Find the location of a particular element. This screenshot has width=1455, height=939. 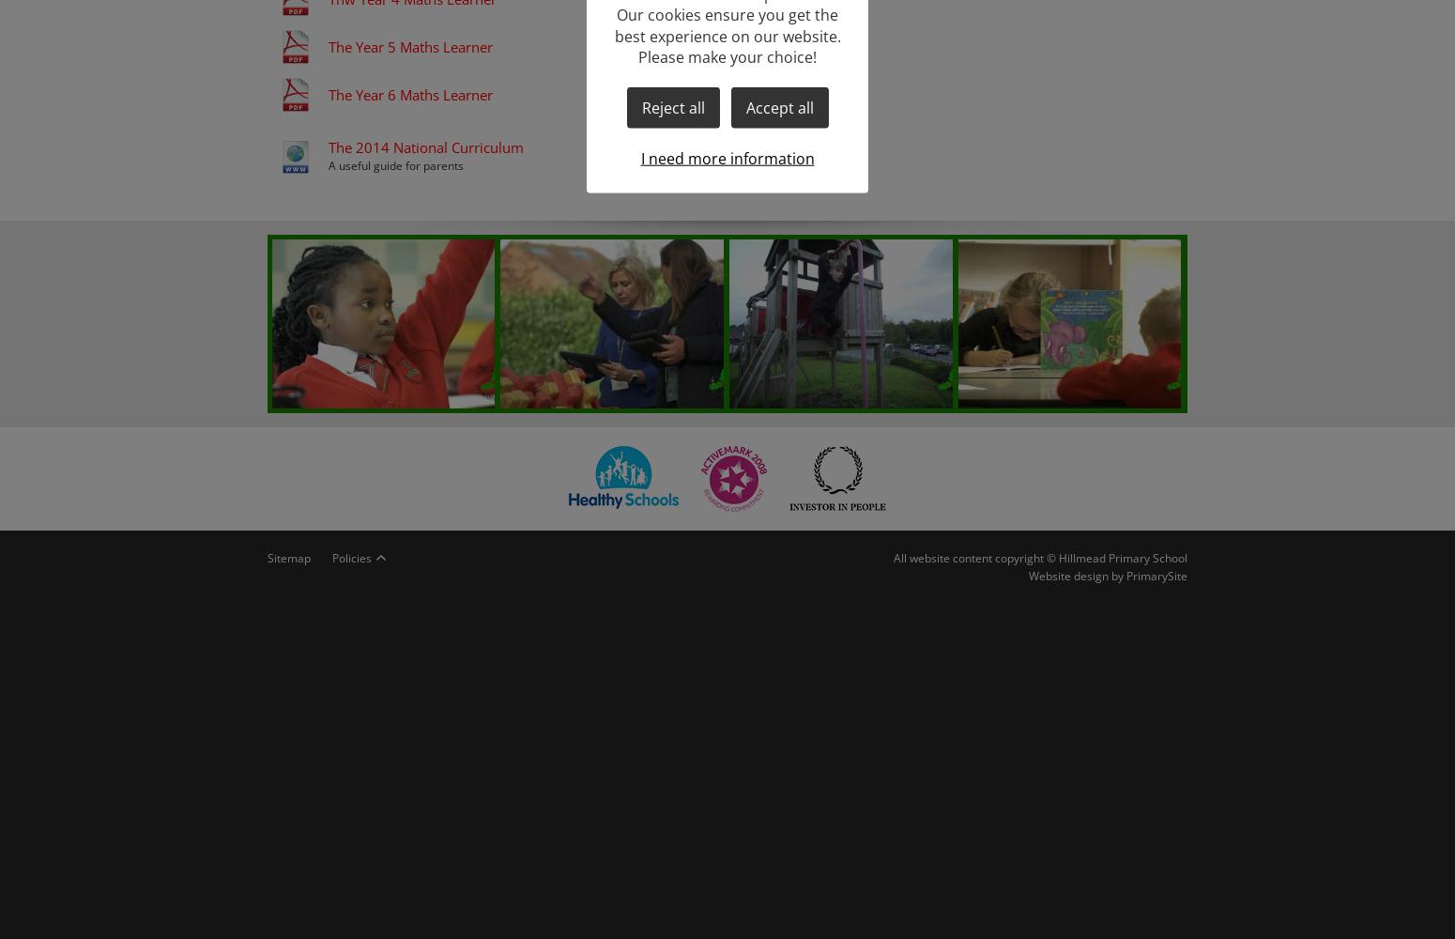

'I need more information' is located at coordinates (727, 158).